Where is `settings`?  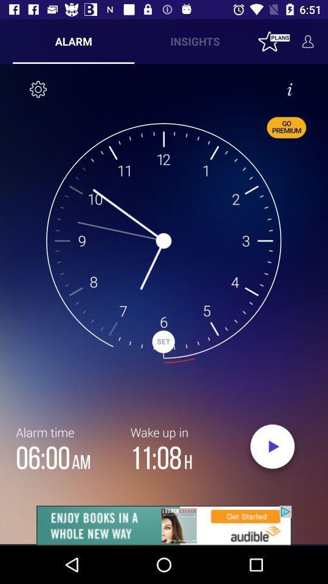
settings is located at coordinates (38, 88).